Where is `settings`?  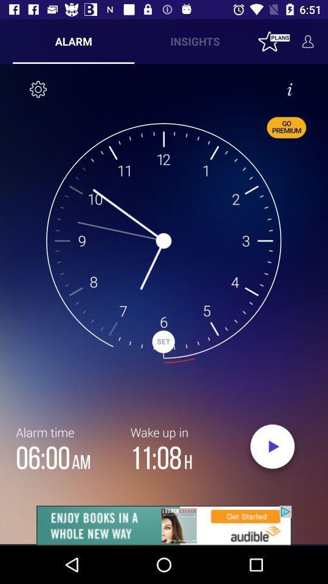
settings is located at coordinates (38, 88).